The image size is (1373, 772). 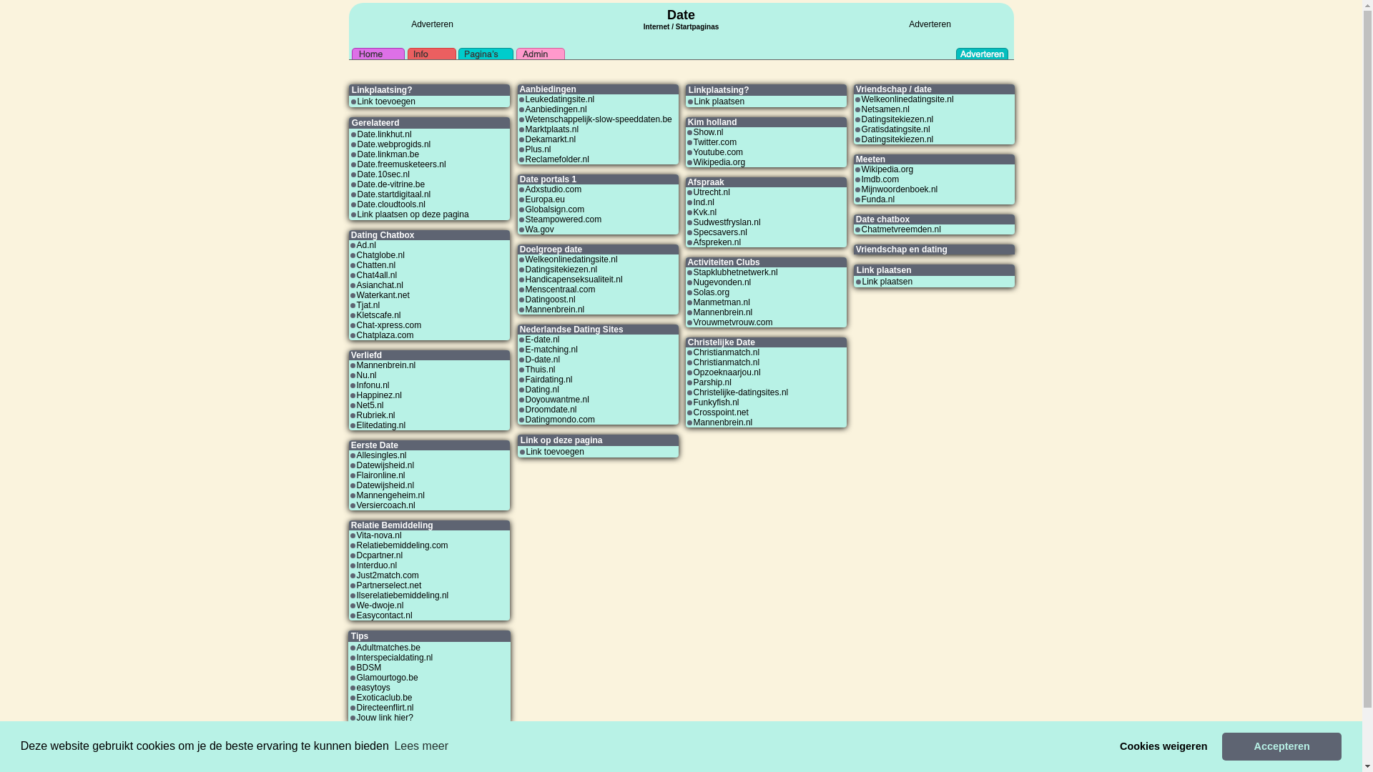 I want to click on 'Marktplaats.nl', so click(x=524, y=129).